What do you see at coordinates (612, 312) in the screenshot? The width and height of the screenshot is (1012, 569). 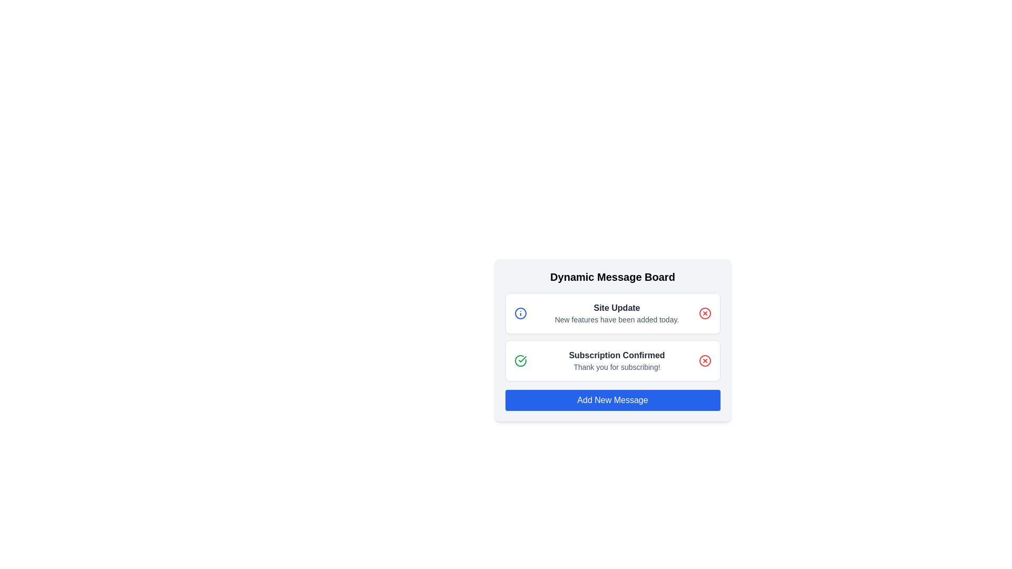 I see `the first notification box titled 'Site Update' in the 'Dynamic Message Board', which contains a description of new features and a red close button` at bounding box center [612, 312].